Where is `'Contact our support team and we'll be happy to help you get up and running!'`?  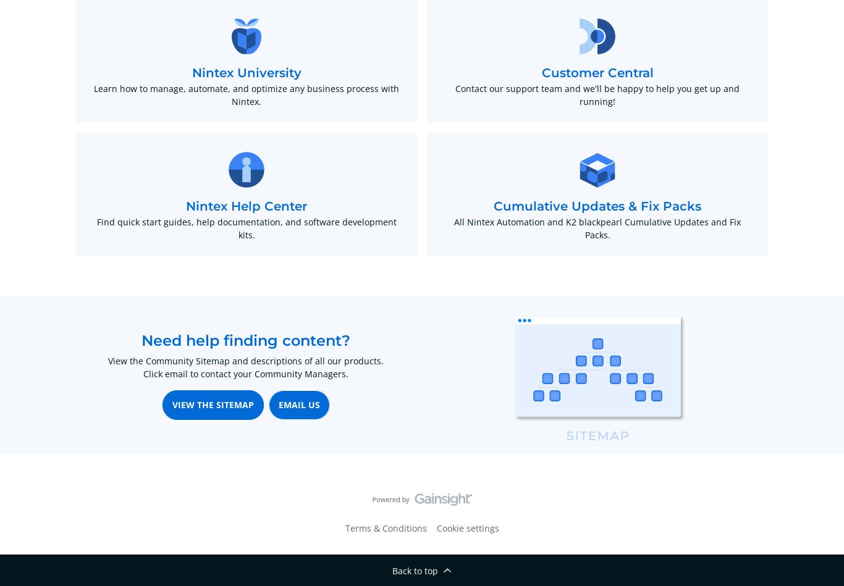 'Contact our support team and we'll be happy to help you get up and running!' is located at coordinates (597, 95).